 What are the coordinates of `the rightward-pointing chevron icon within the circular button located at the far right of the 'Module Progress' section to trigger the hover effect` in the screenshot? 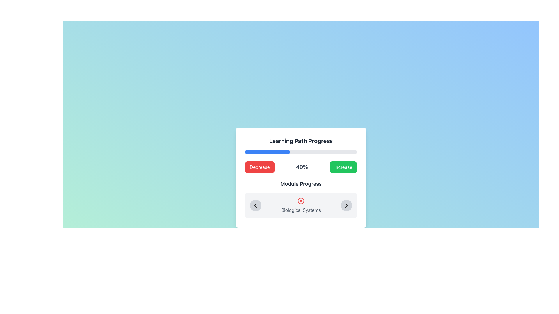 It's located at (346, 205).